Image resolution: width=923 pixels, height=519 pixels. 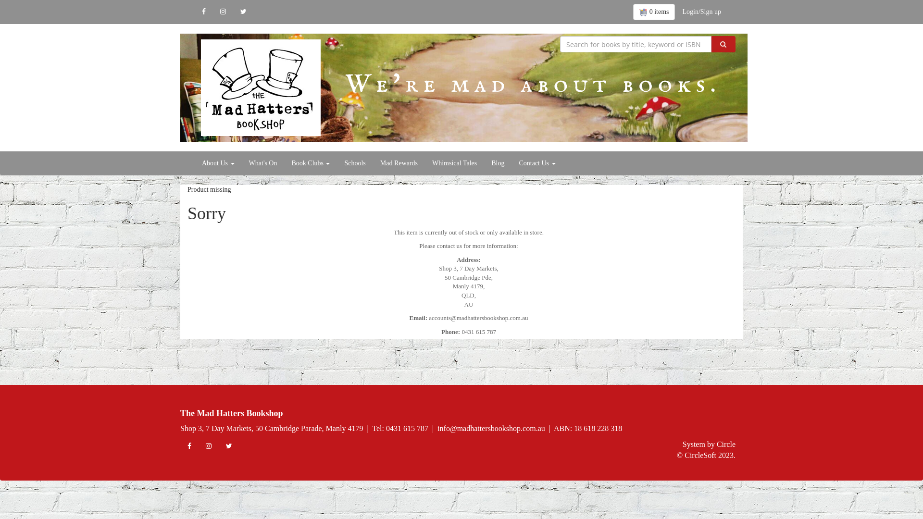 What do you see at coordinates (484, 162) in the screenshot?
I see `'Blog'` at bounding box center [484, 162].